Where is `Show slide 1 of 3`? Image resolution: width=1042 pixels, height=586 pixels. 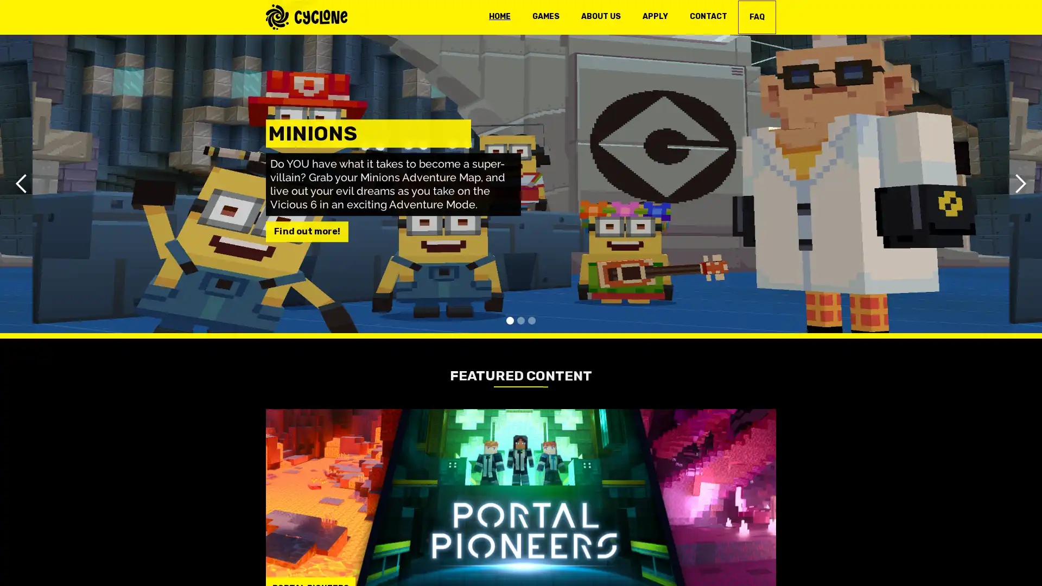
Show slide 1 of 3 is located at coordinates (510, 320).